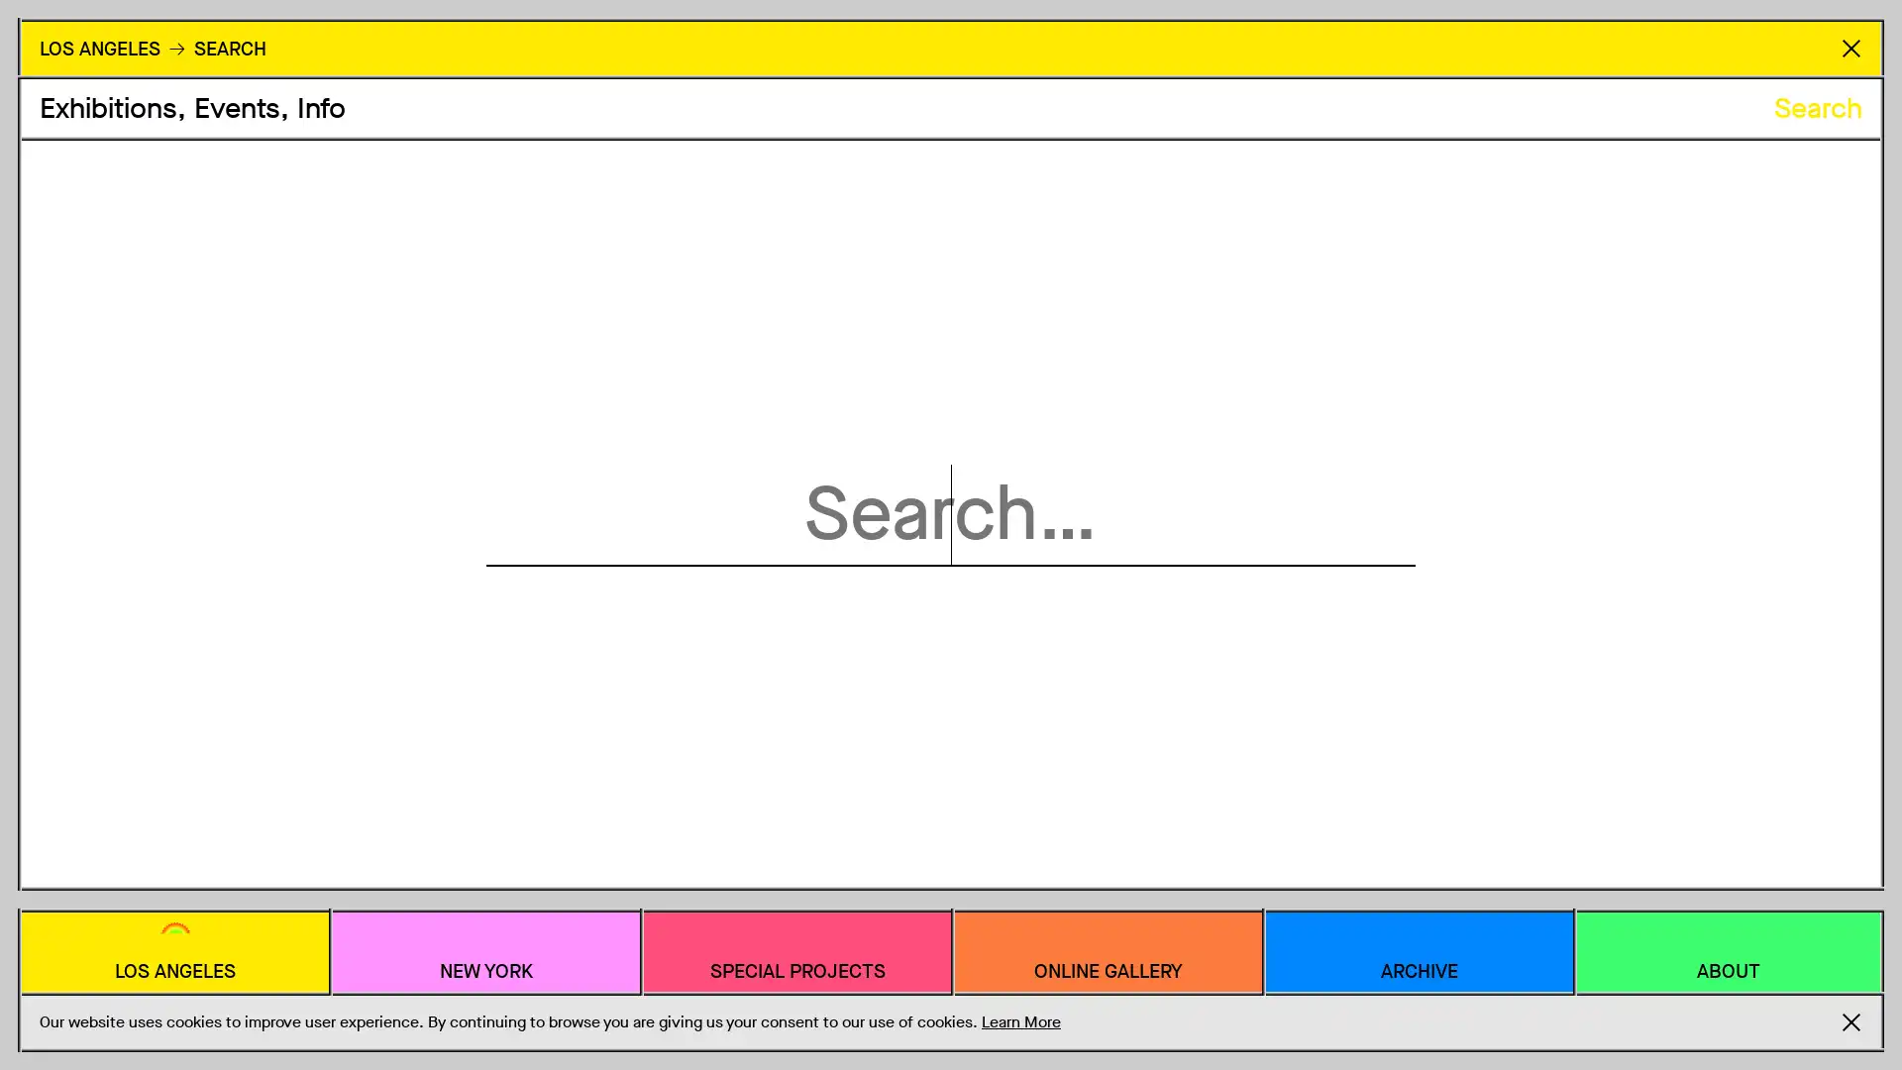 The height and width of the screenshot is (1070, 1902). I want to click on Accept, so click(1849, 1021).